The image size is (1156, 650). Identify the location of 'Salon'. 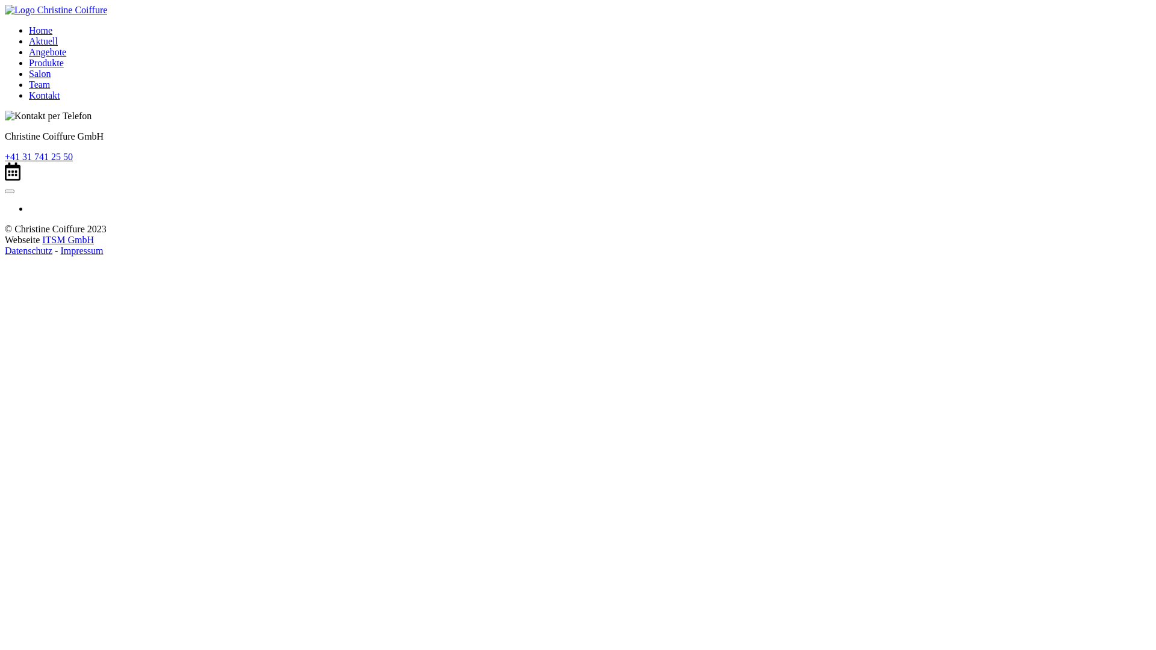
(40, 73).